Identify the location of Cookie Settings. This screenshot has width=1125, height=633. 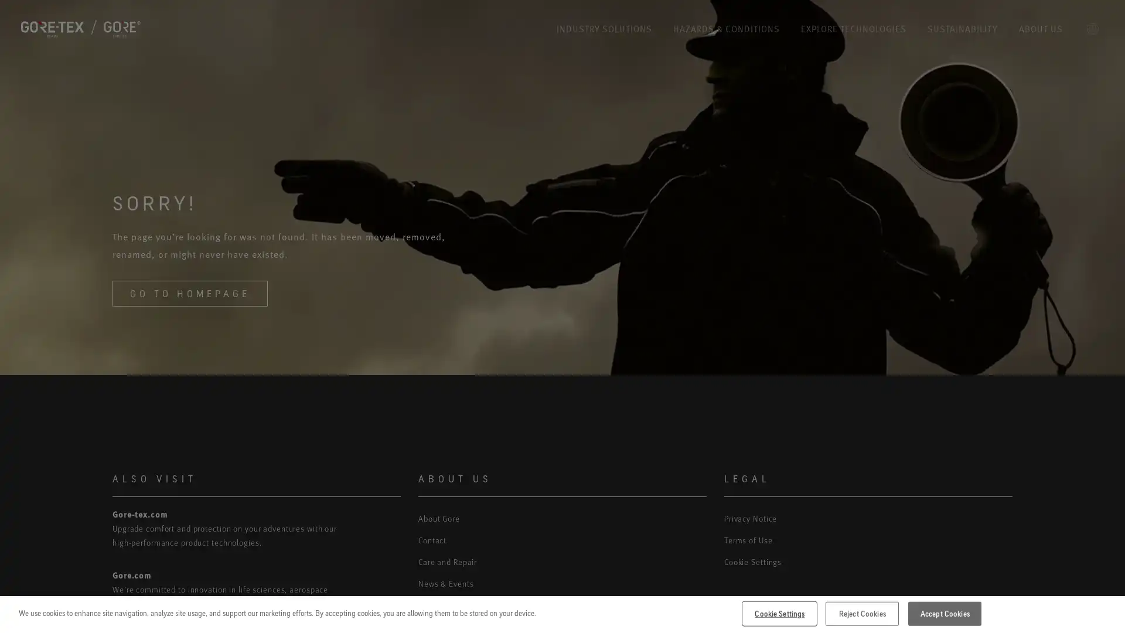
(779, 612).